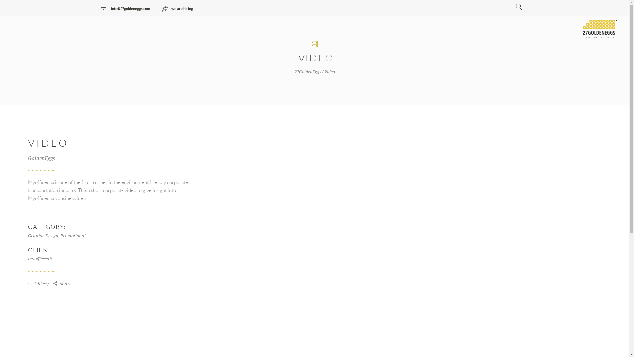  Describe the element at coordinates (125, 9) in the screenshot. I see `'info@27goldeneggs.com'` at that location.